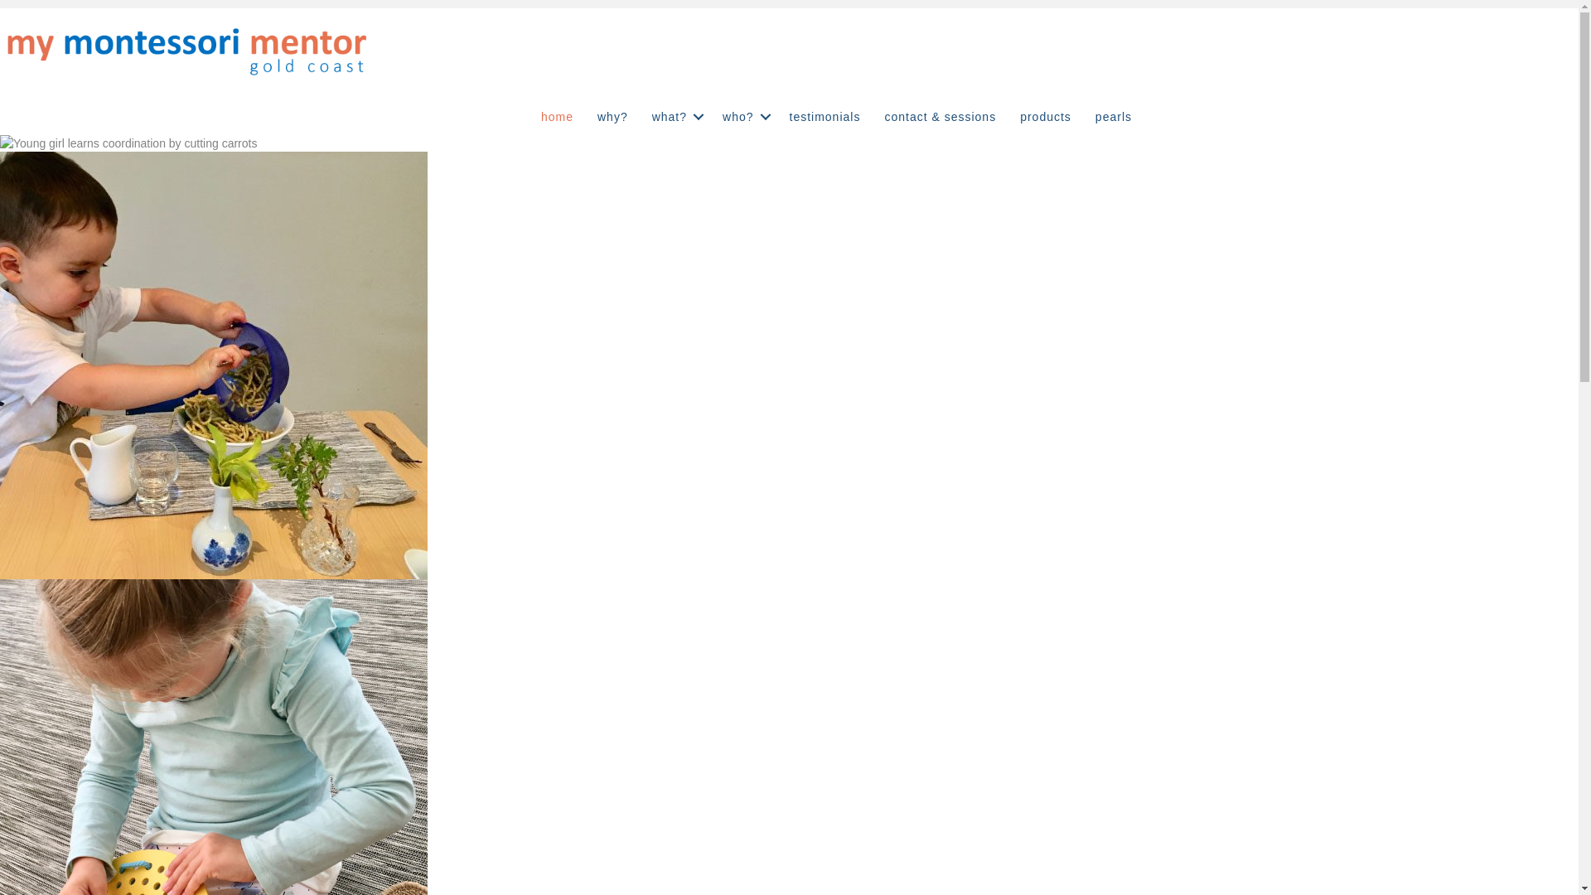  Describe the element at coordinates (557, 116) in the screenshot. I see `'home'` at that location.